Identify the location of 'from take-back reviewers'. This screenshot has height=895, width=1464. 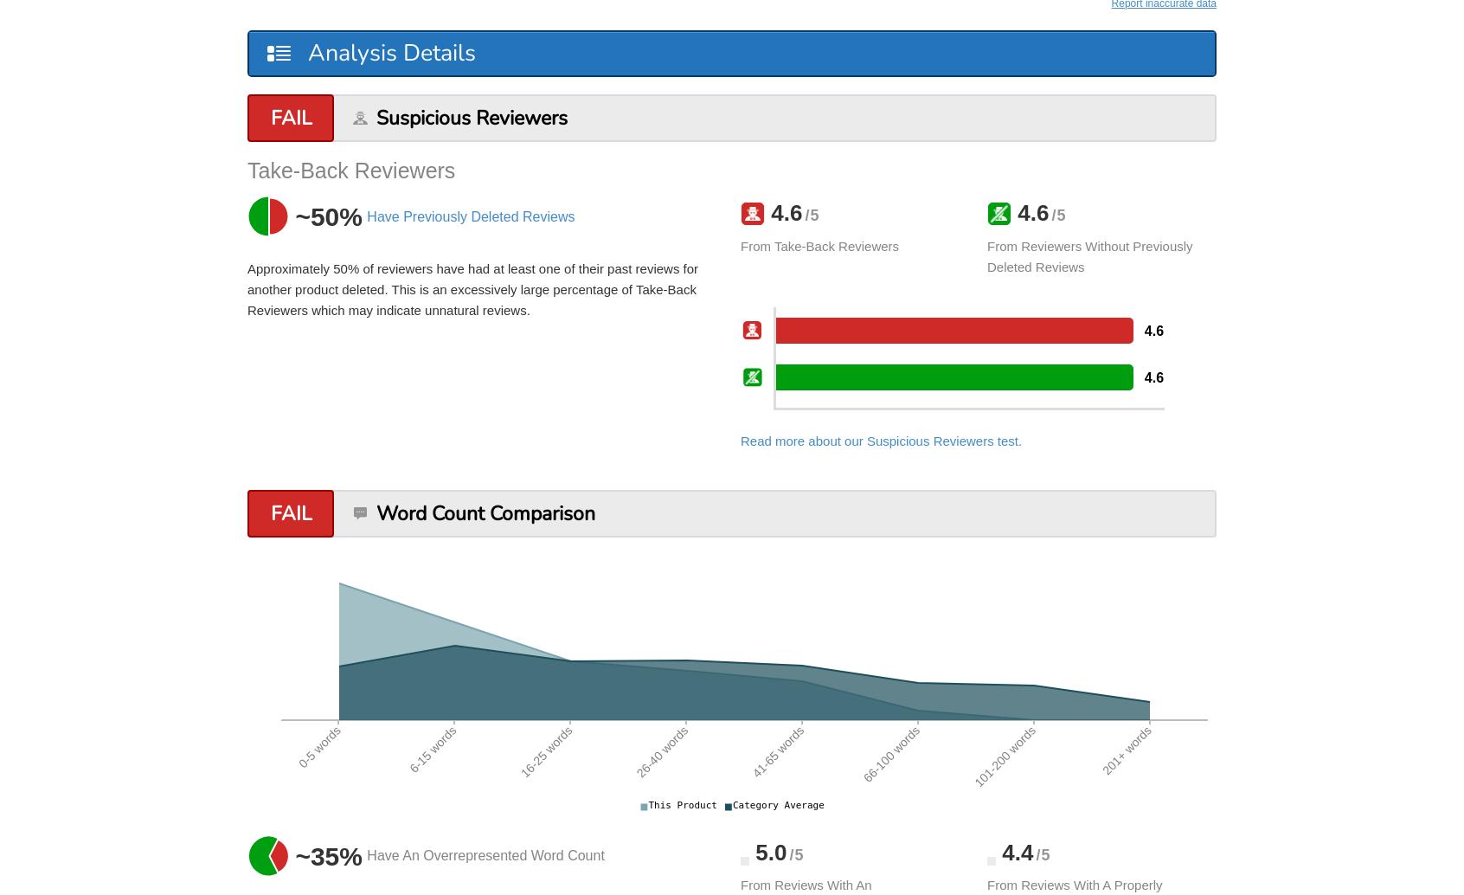
(739, 244).